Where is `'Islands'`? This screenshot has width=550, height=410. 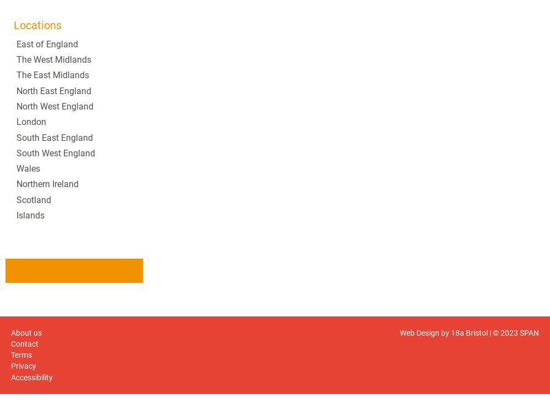
'Islands' is located at coordinates (30, 215).